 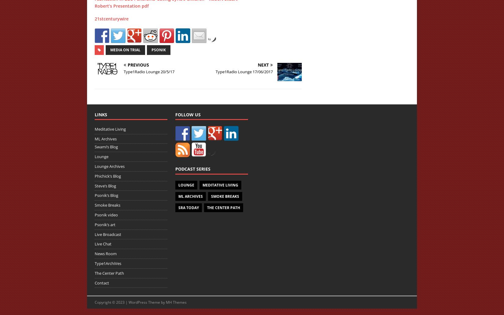 What do you see at coordinates (105, 185) in the screenshot?
I see `'Steve’s Blog'` at bounding box center [105, 185].